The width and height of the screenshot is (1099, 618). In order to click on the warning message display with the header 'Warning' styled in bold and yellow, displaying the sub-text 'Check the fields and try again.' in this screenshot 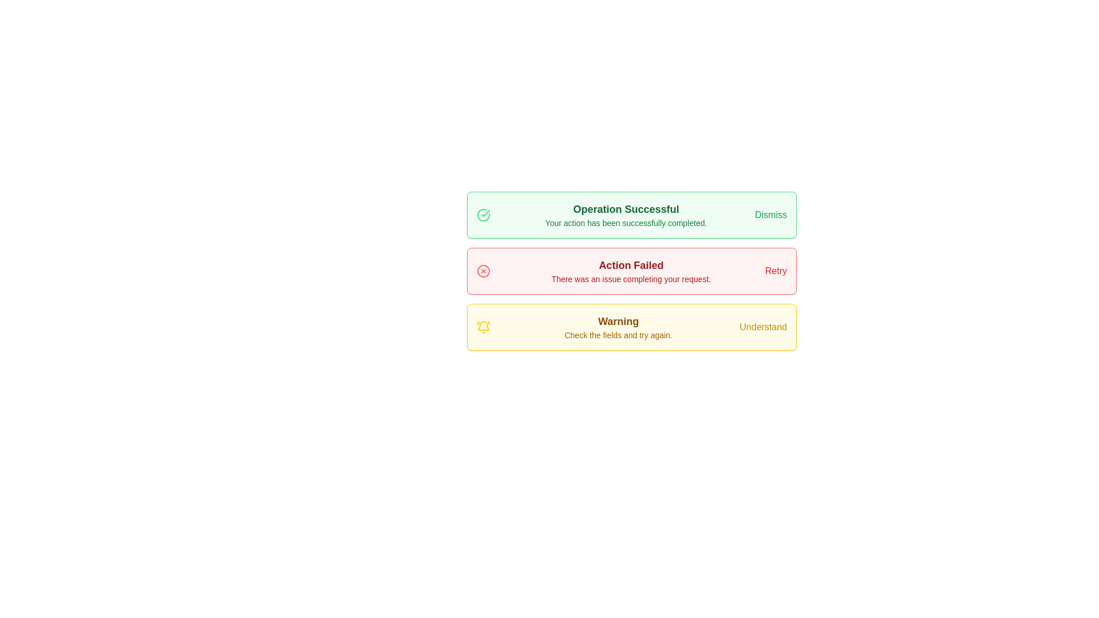, I will do `click(618, 327)`.